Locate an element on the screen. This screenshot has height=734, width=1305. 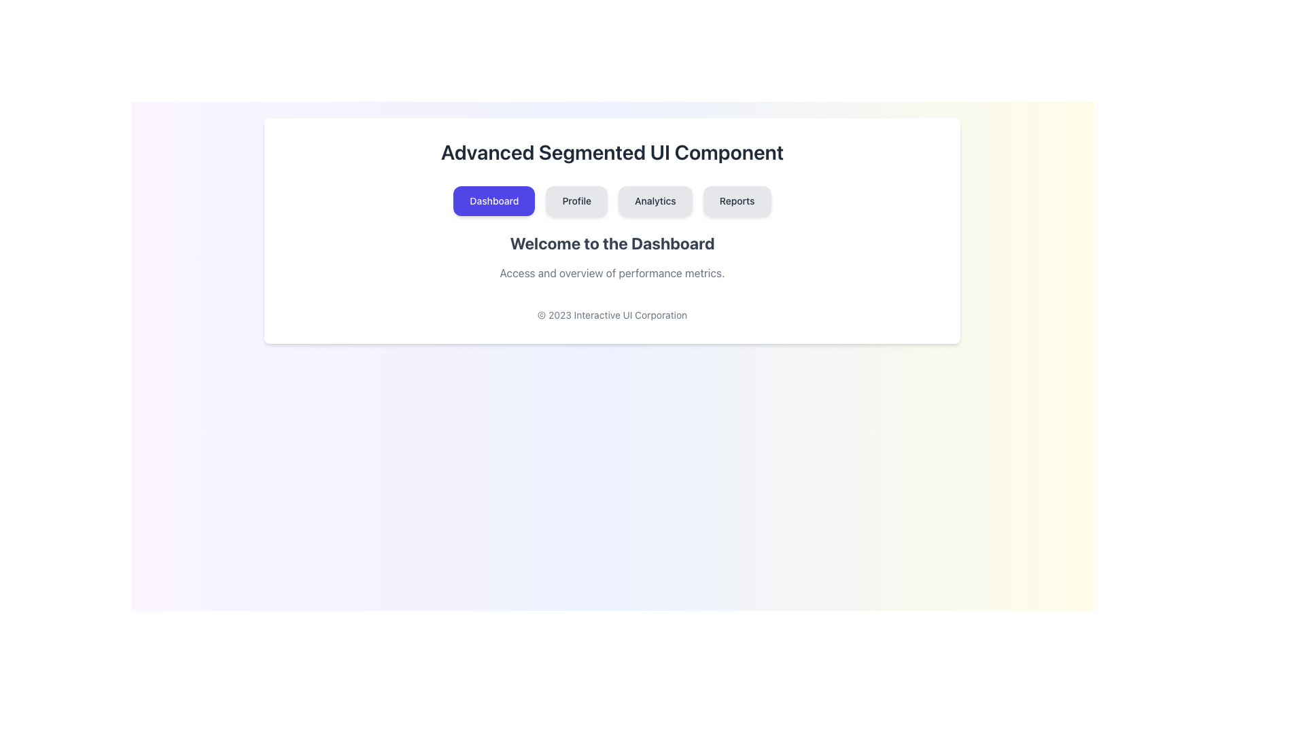
text block displaying 'Welcome to the Dashboard' and 'Access and overview of performance metrics' located centrally beneath the buttons 'Dashboard', 'Profile', 'Analytics', and 'Reports' is located at coordinates (612, 257).